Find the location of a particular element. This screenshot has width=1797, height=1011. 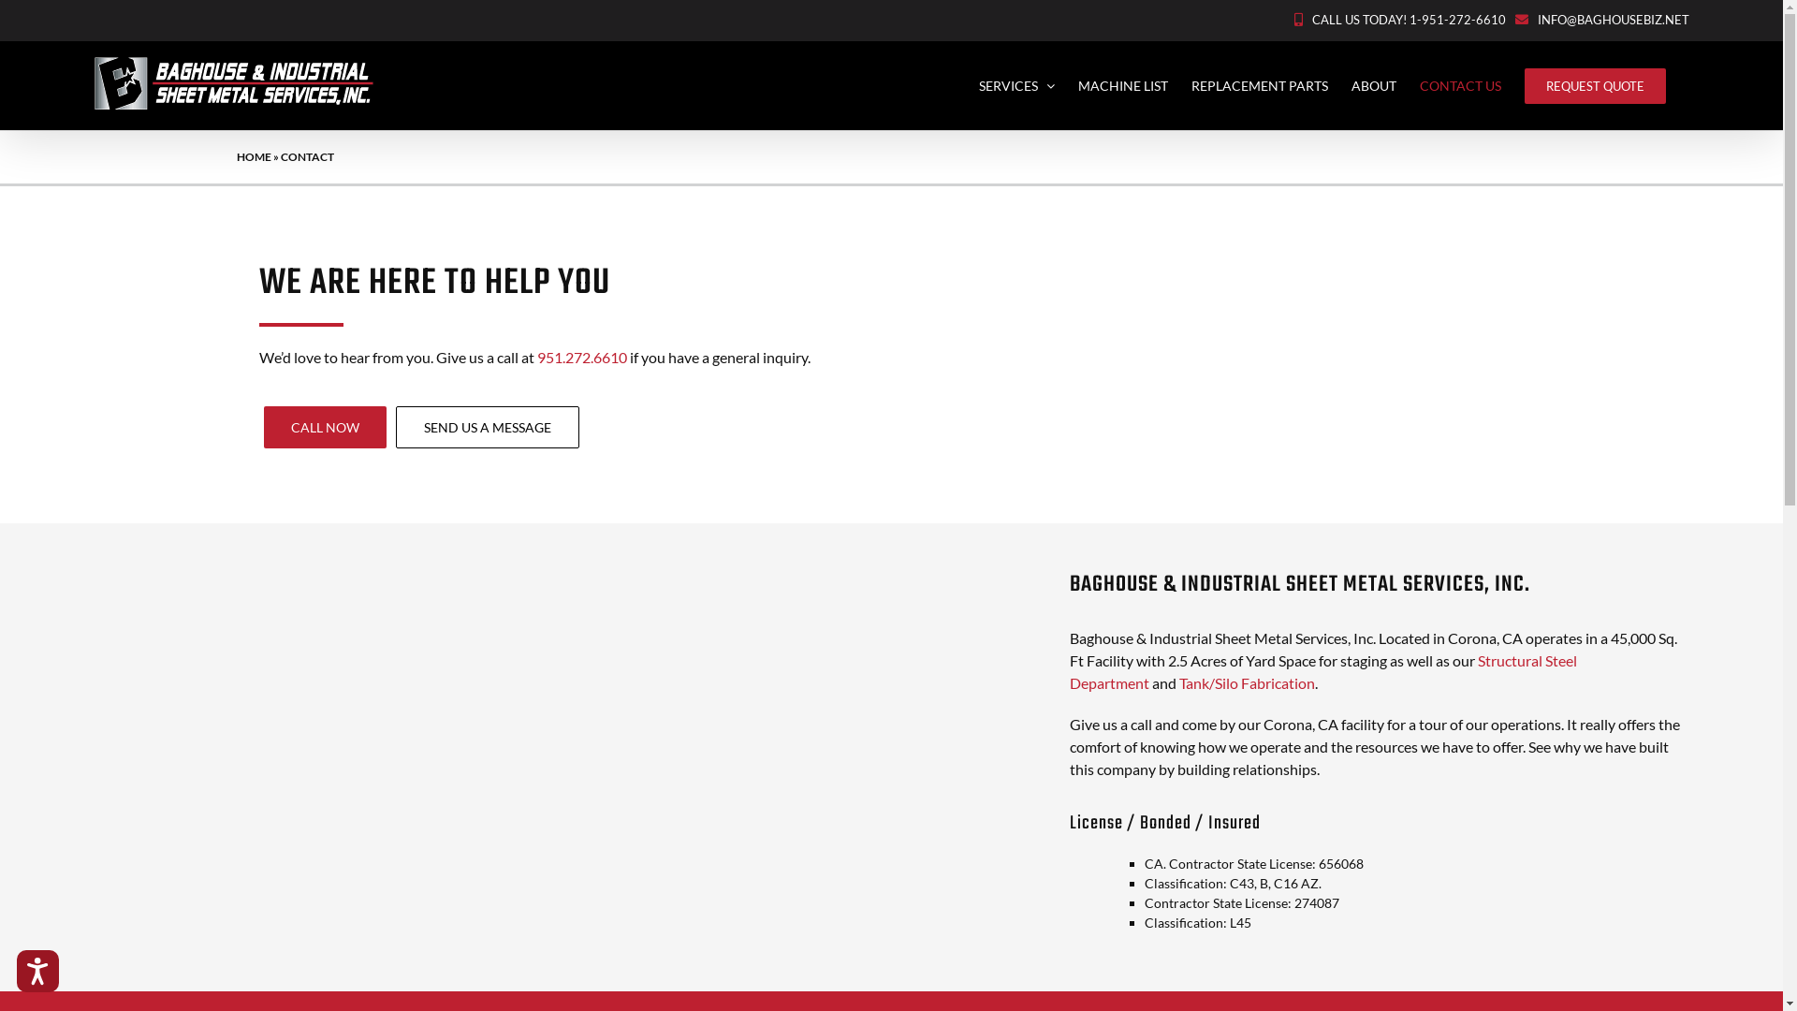

'CONTACT US' is located at coordinates (1419, 85).